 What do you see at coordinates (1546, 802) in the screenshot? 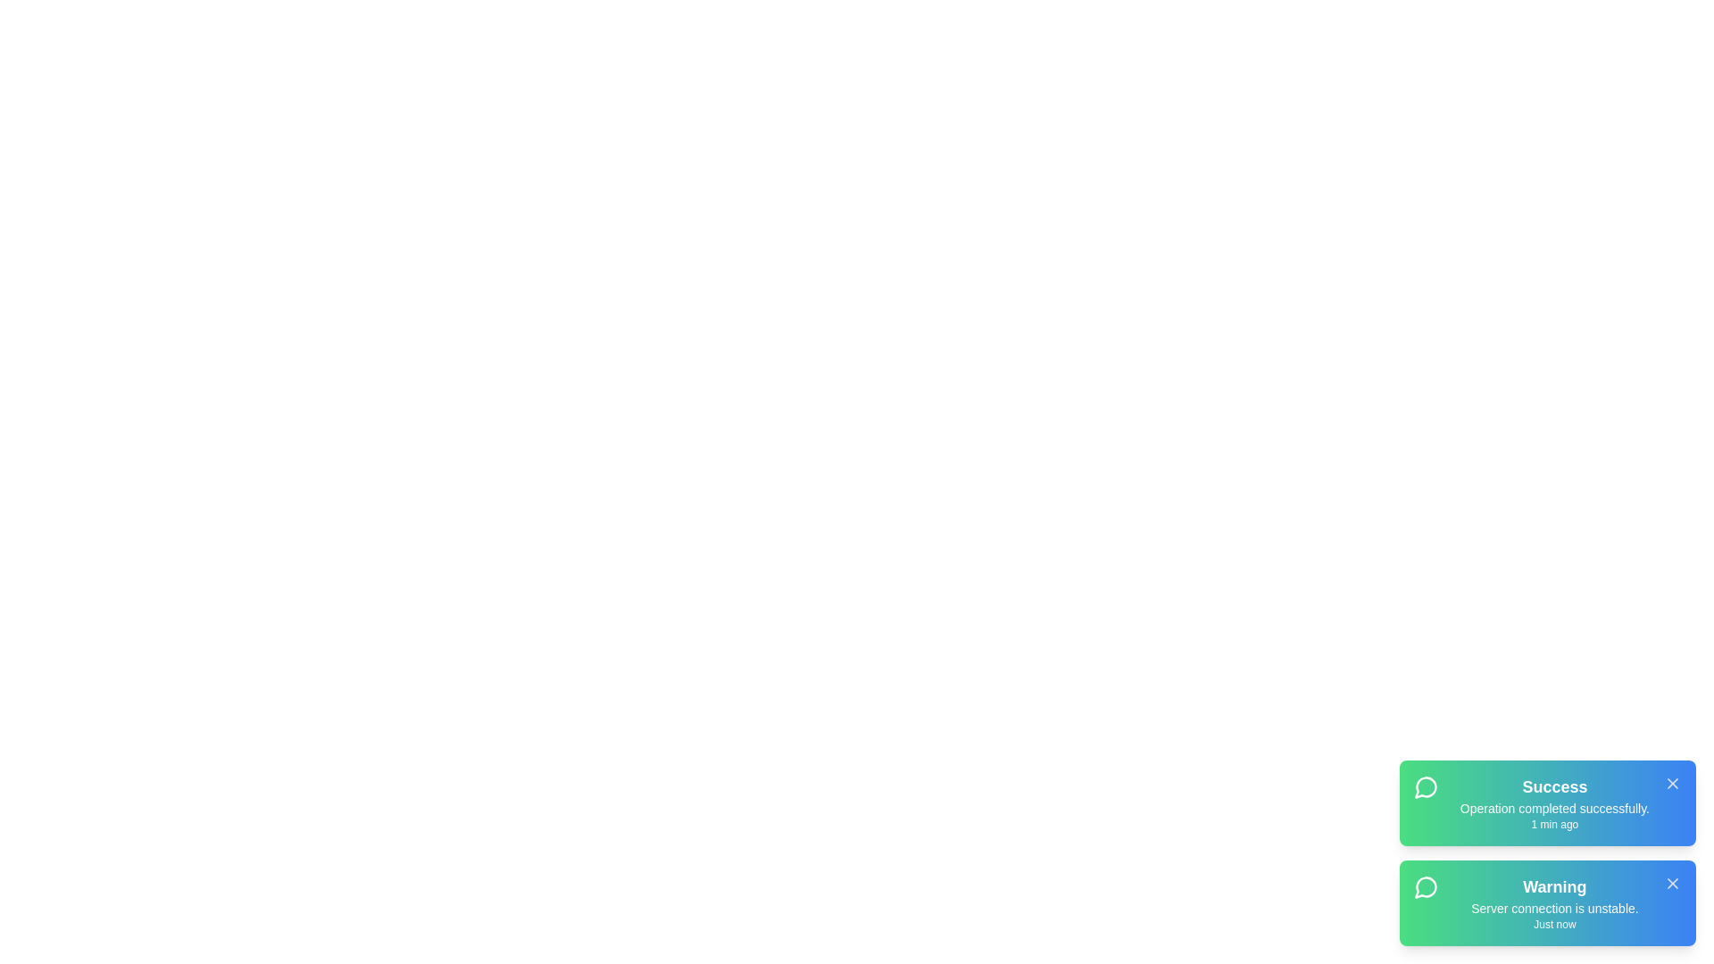
I see `the text of the notification 1` at bounding box center [1546, 802].